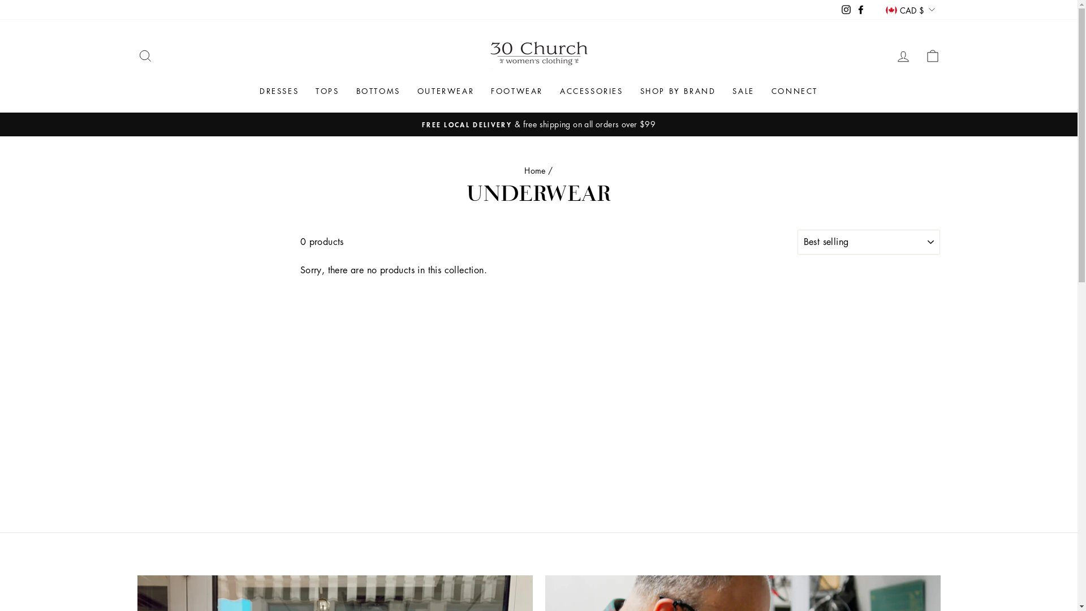 The image size is (1086, 611). Describe the element at coordinates (307, 91) in the screenshot. I see `'TOPS'` at that location.